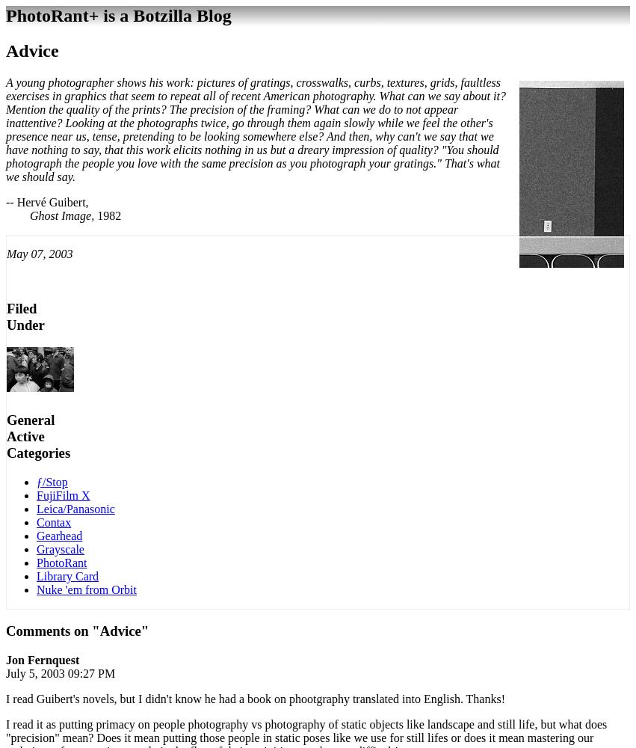 The image size is (636, 748). What do you see at coordinates (31, 419) in the screenshot?
I see `'General'` at bounding box center [31, 419].